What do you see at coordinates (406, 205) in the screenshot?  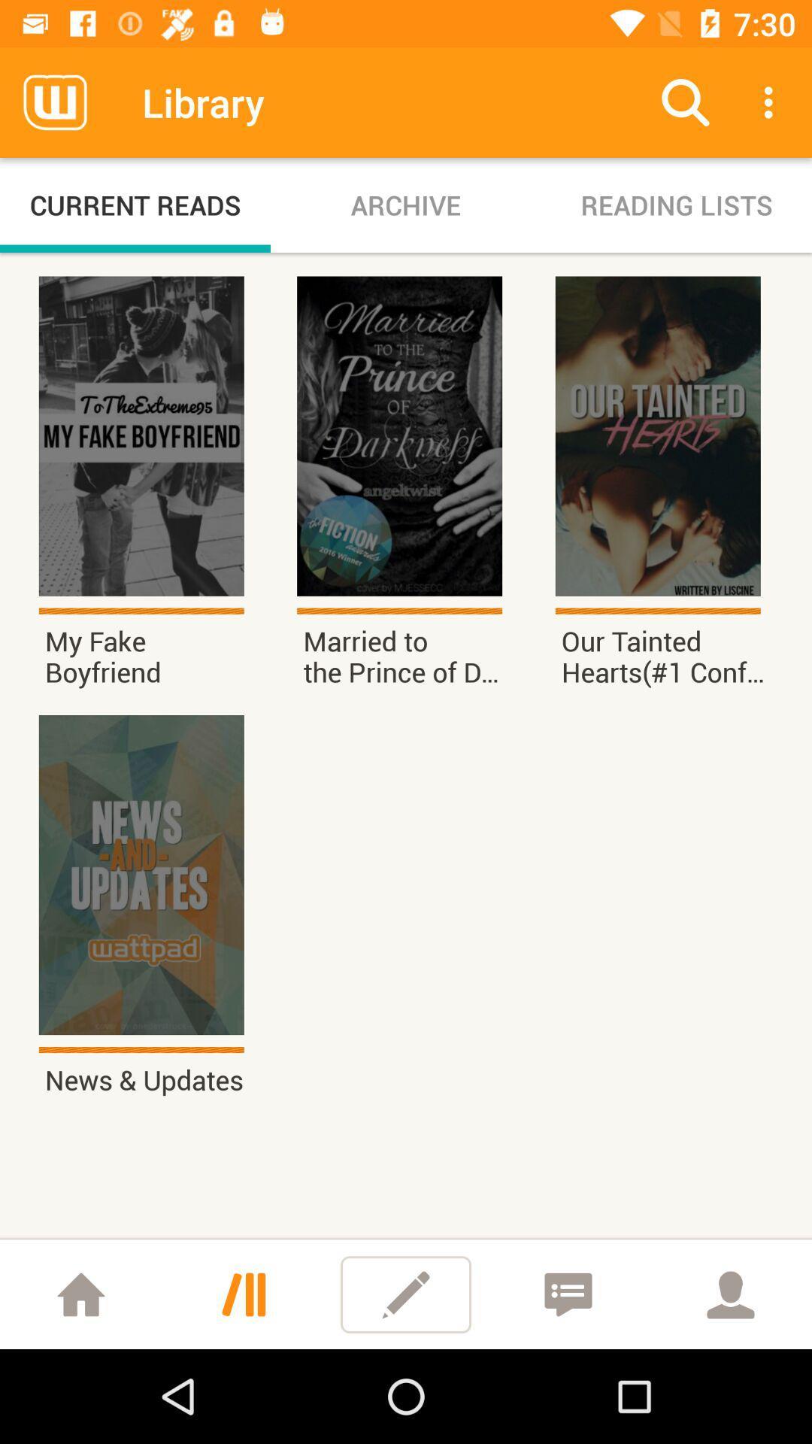 I see `item next to the reading lists icon` at bounding box center [406, 205].